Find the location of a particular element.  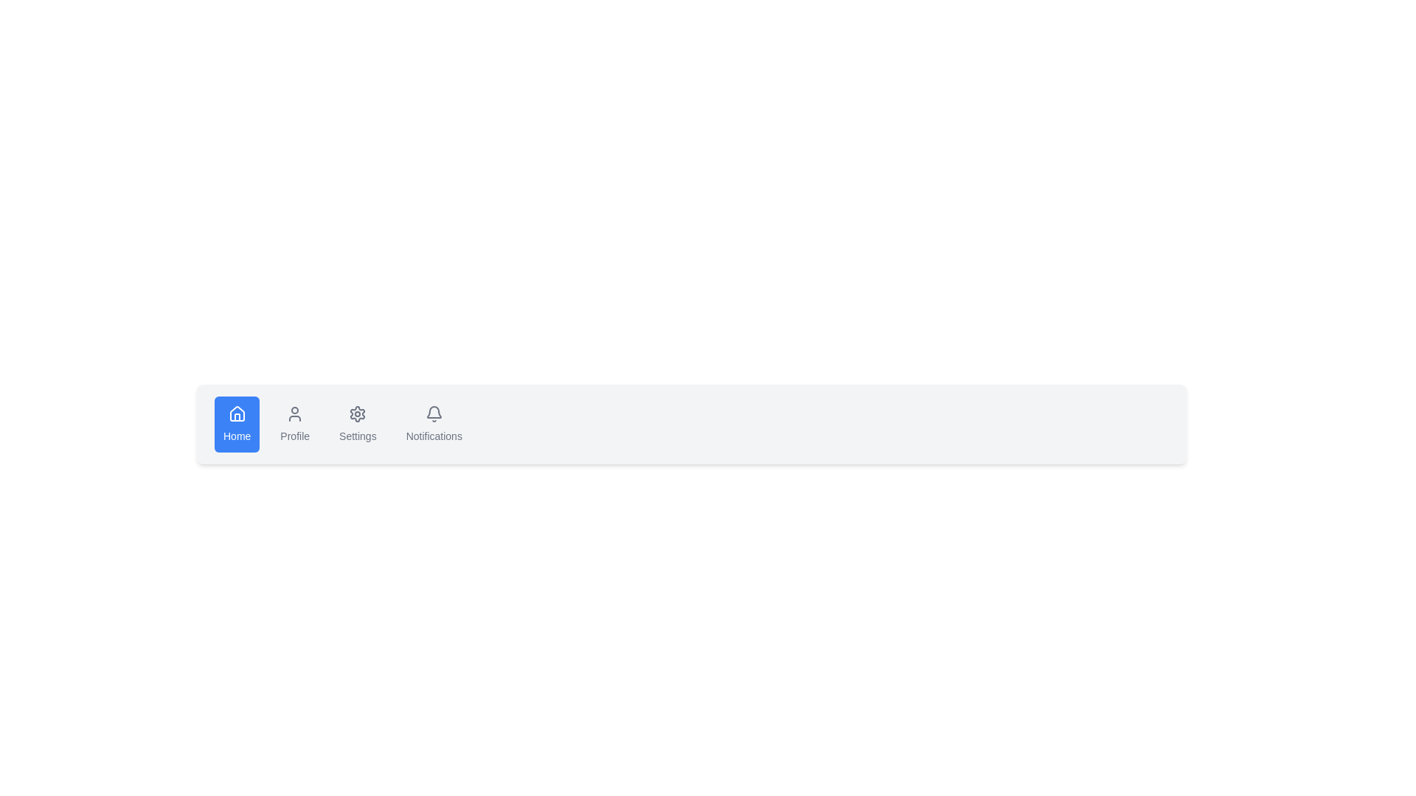

the 'Settings' button, which features a gear icon and is the third item in the horizontal menu bar is located at coordinates (358, 424).